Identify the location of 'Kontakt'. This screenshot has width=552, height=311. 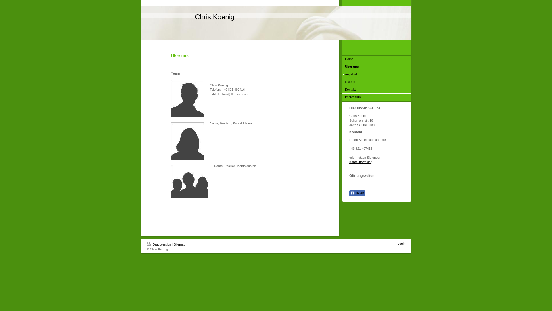
(377, 90).